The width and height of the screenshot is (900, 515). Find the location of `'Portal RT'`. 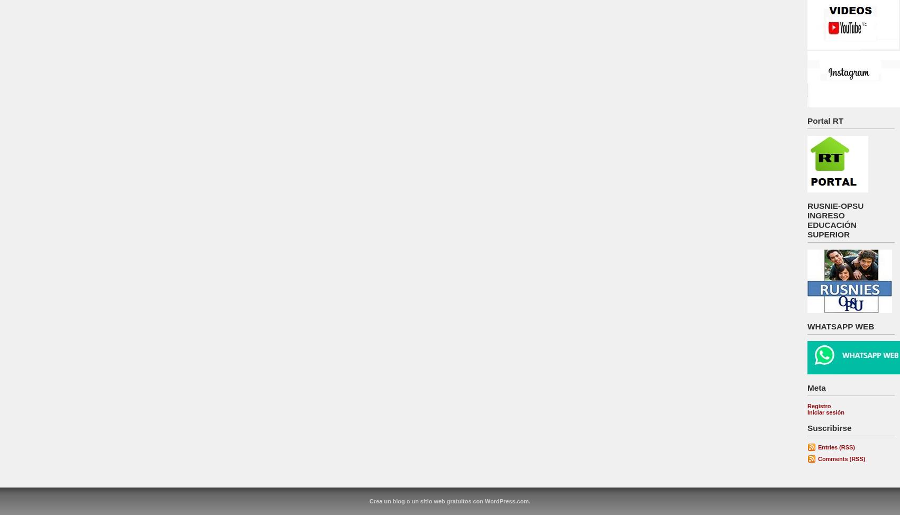

'Portal RT' is located at coordinates (825, 121).